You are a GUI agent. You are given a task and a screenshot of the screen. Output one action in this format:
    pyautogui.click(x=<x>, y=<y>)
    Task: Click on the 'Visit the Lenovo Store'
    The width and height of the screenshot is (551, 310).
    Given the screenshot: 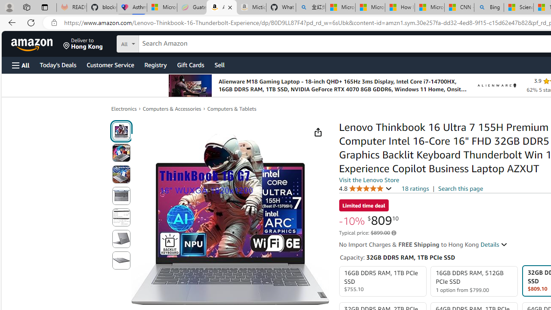 What is the action you would take?
    pyautogui.click(x=369, y=179)
    